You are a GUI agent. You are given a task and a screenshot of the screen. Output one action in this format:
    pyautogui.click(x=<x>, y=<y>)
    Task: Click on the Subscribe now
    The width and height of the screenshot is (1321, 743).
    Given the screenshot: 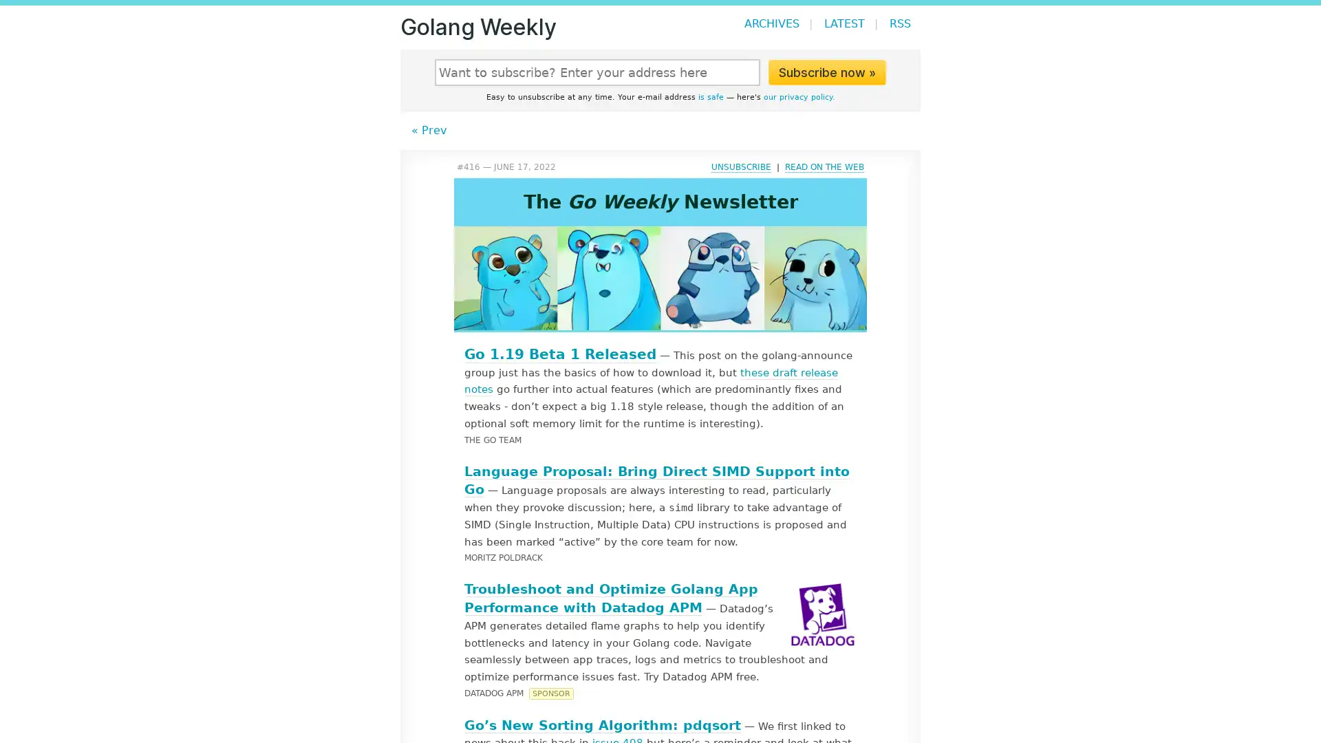 What is the action you would take?
    pyautogui.click(x=826, y=72)
    